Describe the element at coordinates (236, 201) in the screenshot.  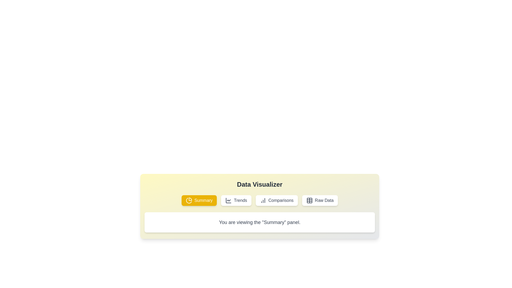
I see `the rectangular button labeled 'Trends' with a white background and gray text` at that location.